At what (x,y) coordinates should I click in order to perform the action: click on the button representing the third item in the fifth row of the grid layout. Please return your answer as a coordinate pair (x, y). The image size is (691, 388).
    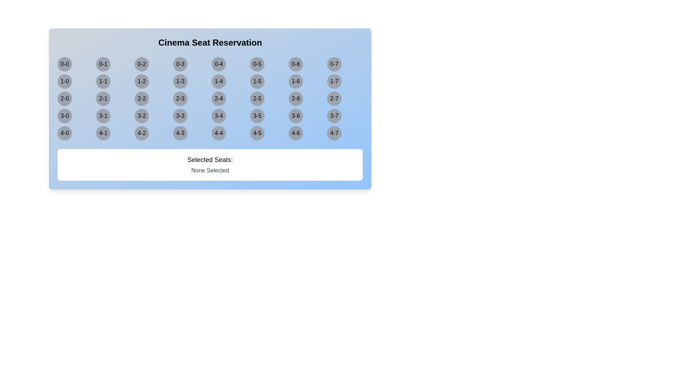
    Looking at the image, I should click on (141, 133).